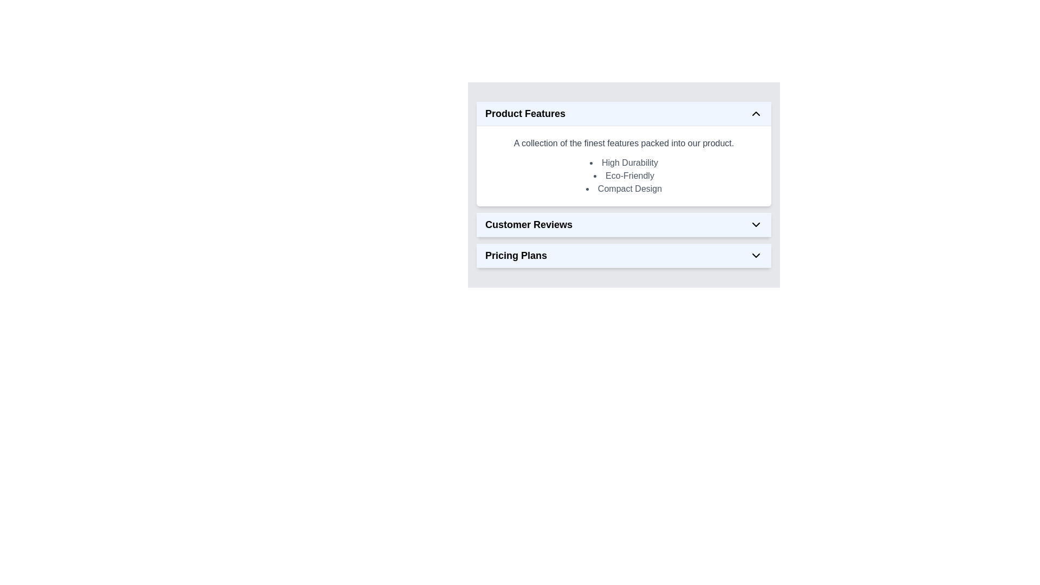 The image size is (1040, 585). I want to click on the text element displaying 'High Durability' in the 'Product Features' section, which is the first entry in the bulleted list, so click(624, 162).